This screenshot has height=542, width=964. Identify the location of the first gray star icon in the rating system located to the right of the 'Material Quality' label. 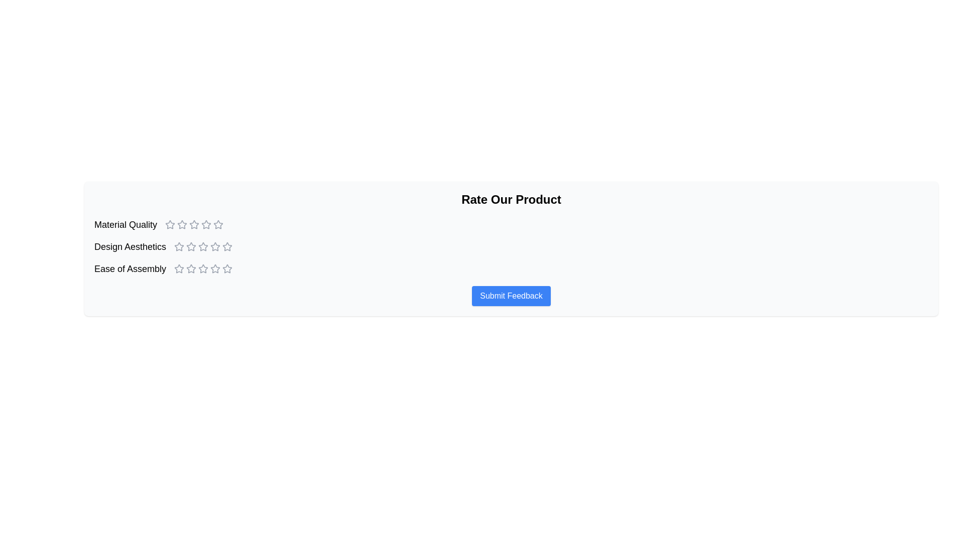
(170, 224).